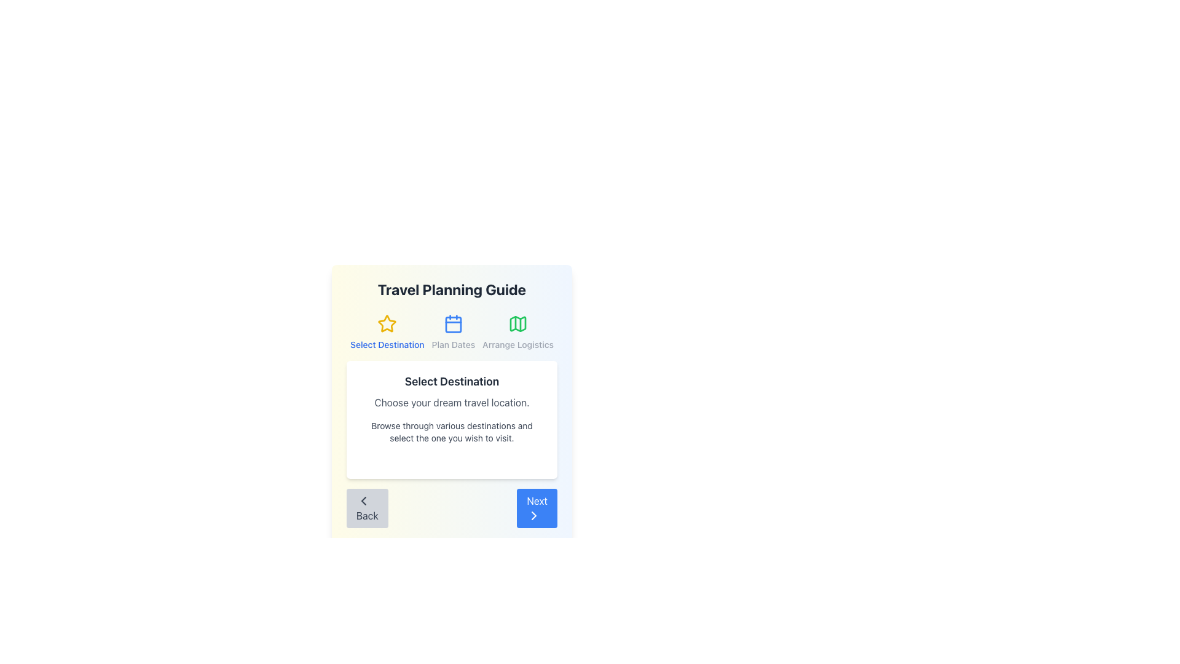 This screenshot has width=1180, height=664. What do you see at coordinates (452, 344) in the screenshot?
I see `text label displaying 'Plan Dates', which is located below a calendar icon in a vertical column layout` at bounding box center [452, 344].